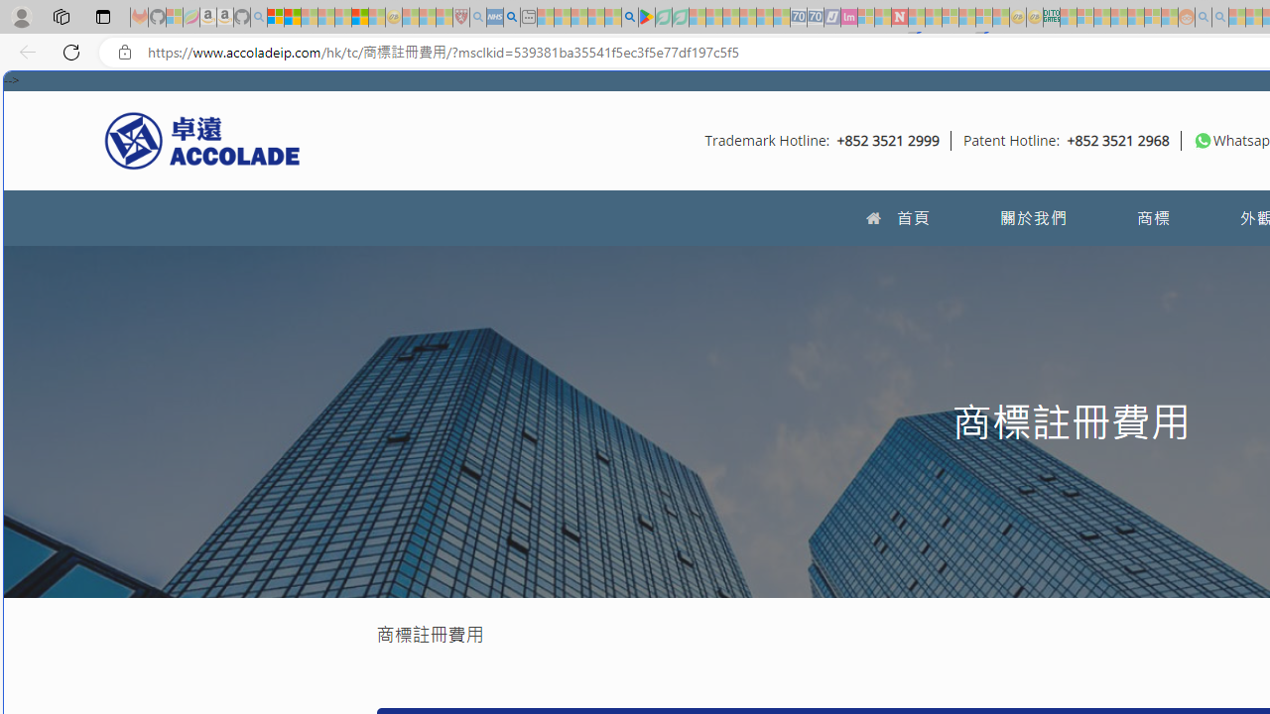  I want to click on 'To get missing image descriptions, open the context menu.', so click(1202, 139).